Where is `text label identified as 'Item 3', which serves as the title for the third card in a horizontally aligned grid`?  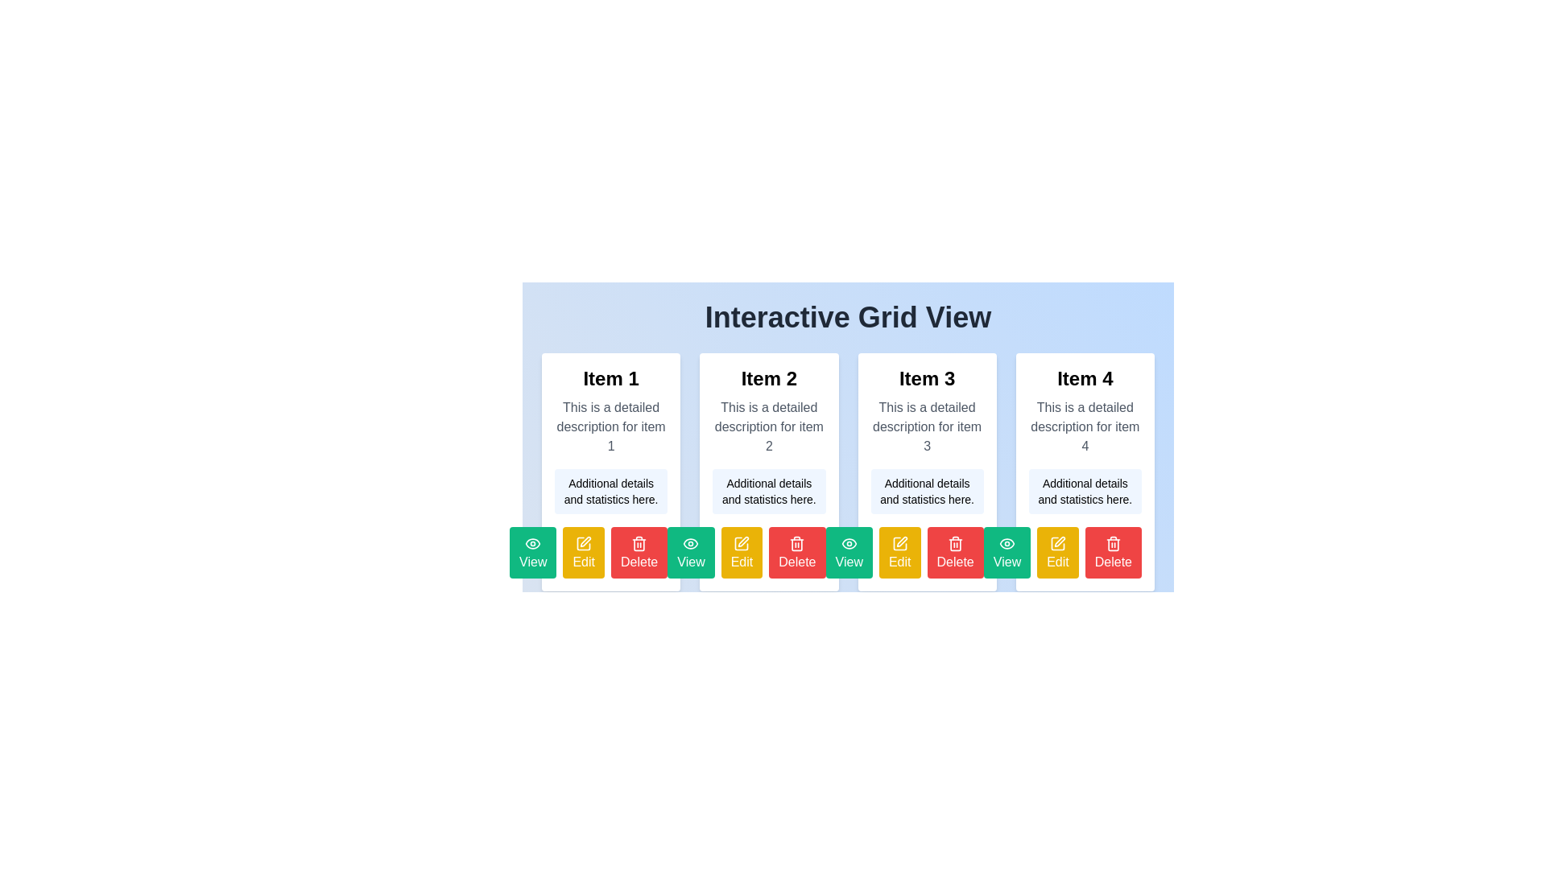
text label identified as 'Item 3', which serves as the title for the third card in a horizontally aligned grid is located at coordinates (927, 378).